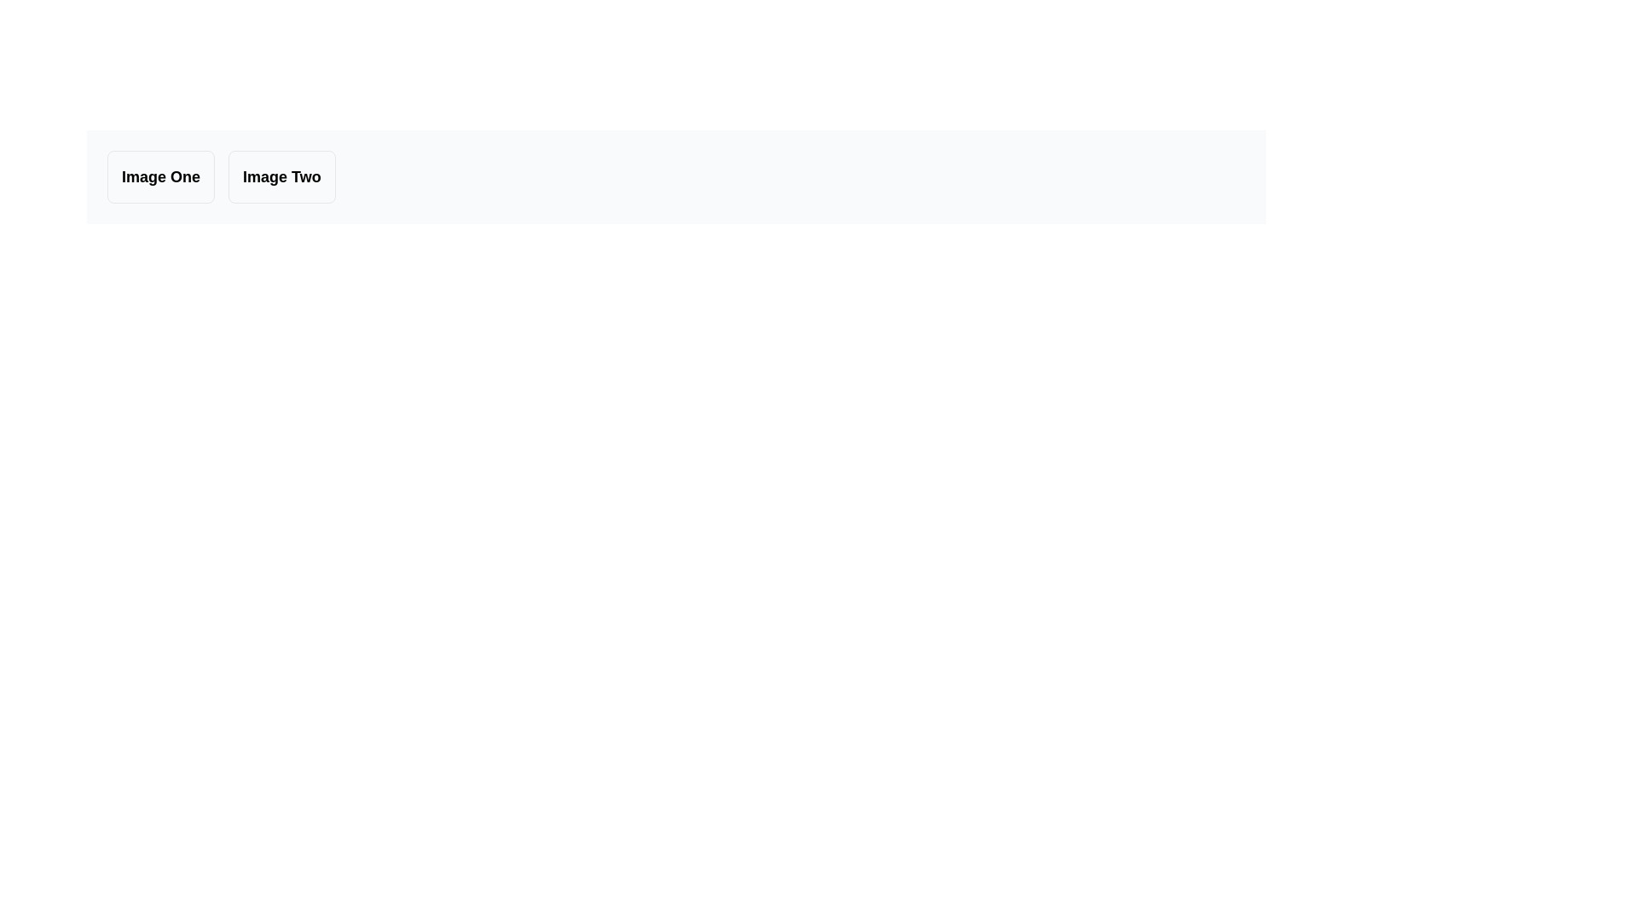  I want to click on the button labeled 'Image Two', which has a white background and is positioned, so click(281, 177).